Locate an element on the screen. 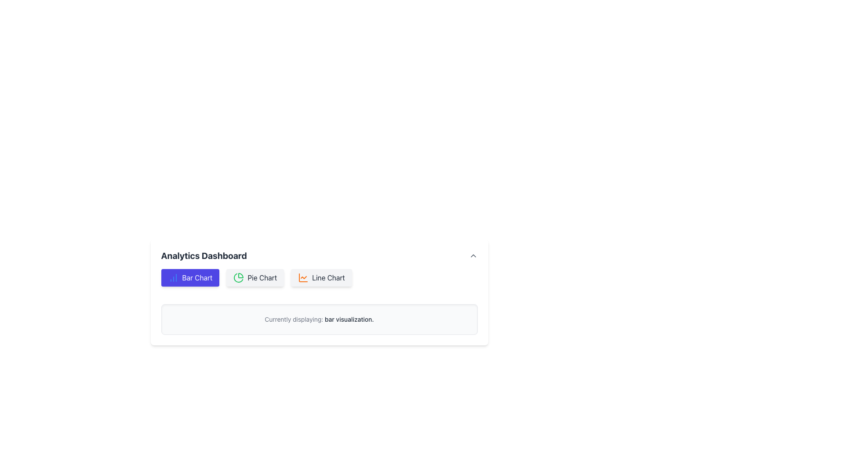  the small upward-pointing gray arrow icon button located at the rightmost end of the 'Analytics Dashboard' title bar is located at coordinates (473, 255).